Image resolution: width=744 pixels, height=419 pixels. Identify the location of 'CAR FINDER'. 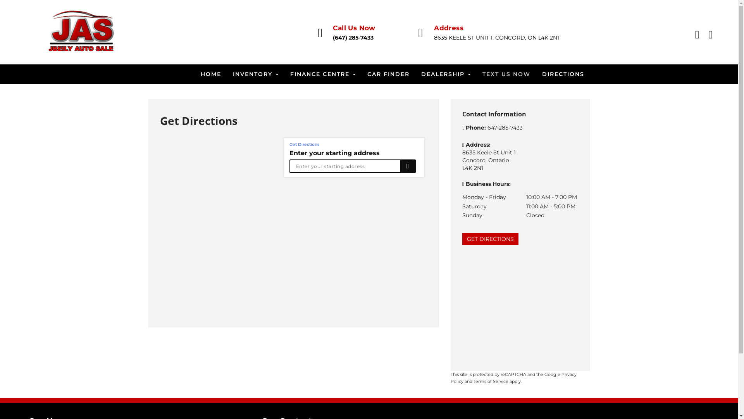
(360, 74).